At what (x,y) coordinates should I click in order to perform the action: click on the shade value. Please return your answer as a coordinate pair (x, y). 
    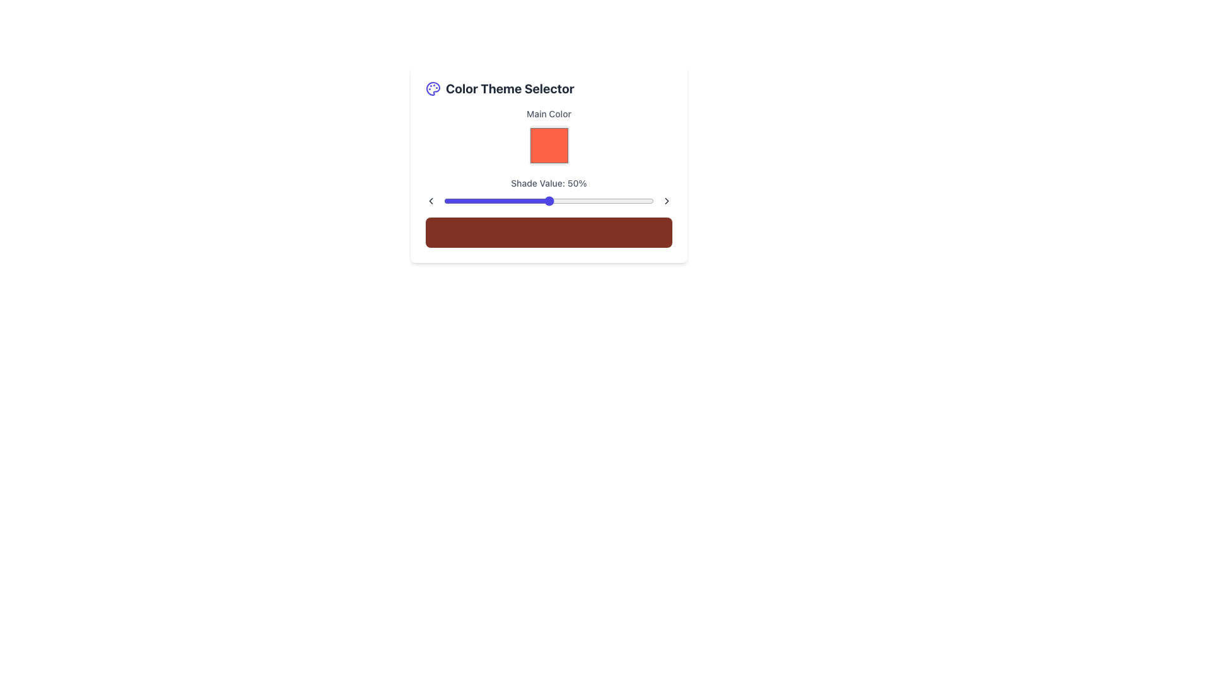
    Looking at the image, I should click on (547, 201).